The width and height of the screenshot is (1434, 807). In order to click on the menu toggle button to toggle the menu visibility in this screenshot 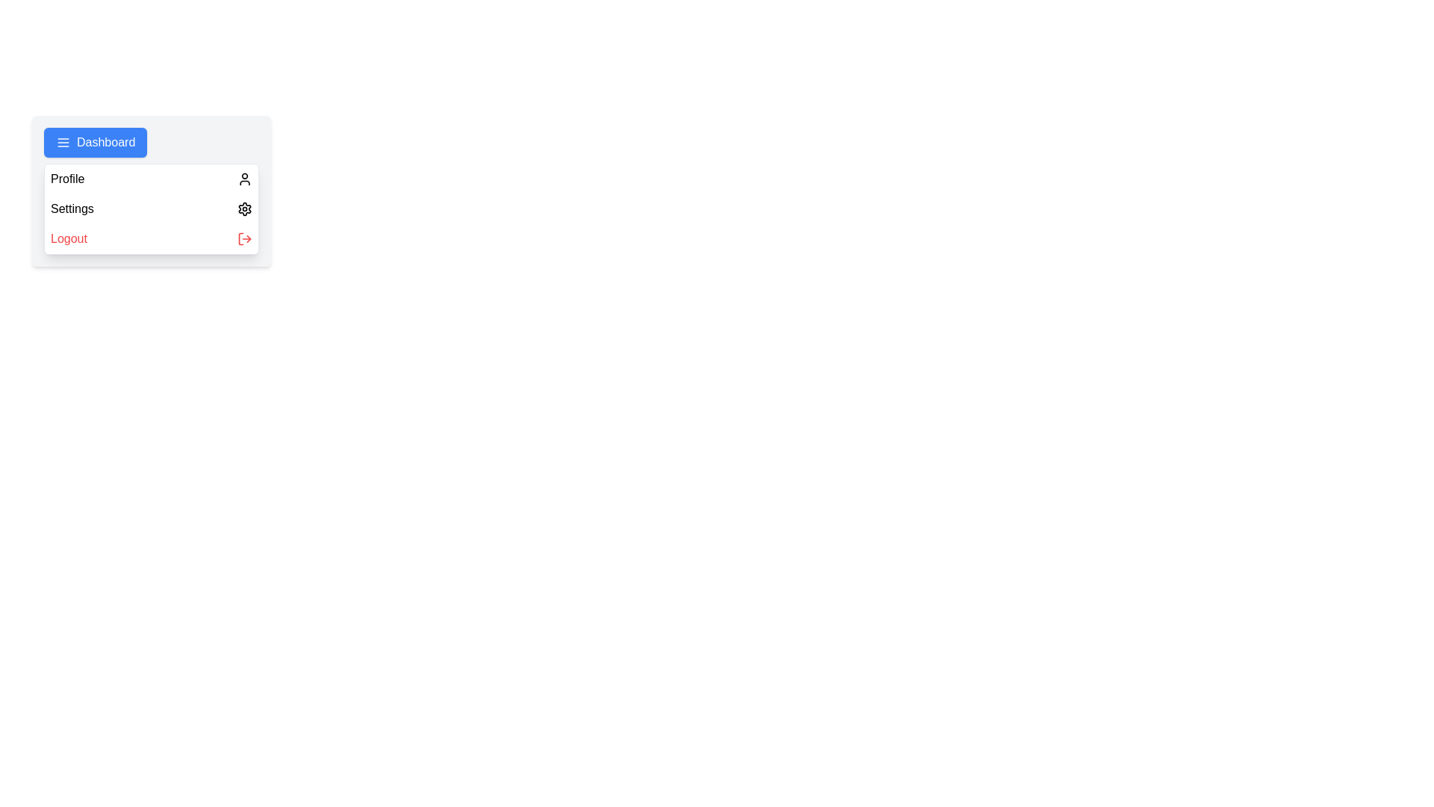, I will do `click(95, 143)`.